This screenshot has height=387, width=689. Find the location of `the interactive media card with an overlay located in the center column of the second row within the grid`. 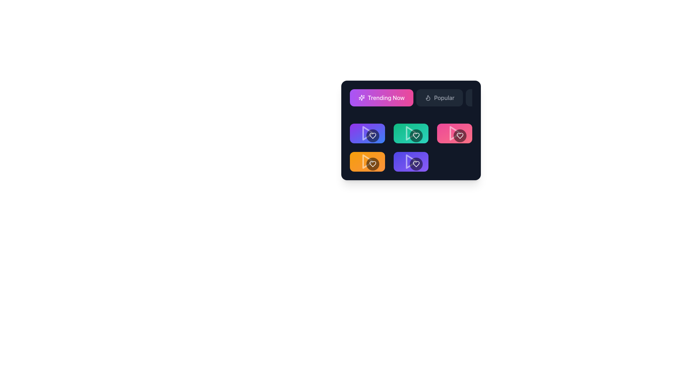

the interactive media card with an overlay located in the center column of the second row within the grid is located at coordinates (411, 162).